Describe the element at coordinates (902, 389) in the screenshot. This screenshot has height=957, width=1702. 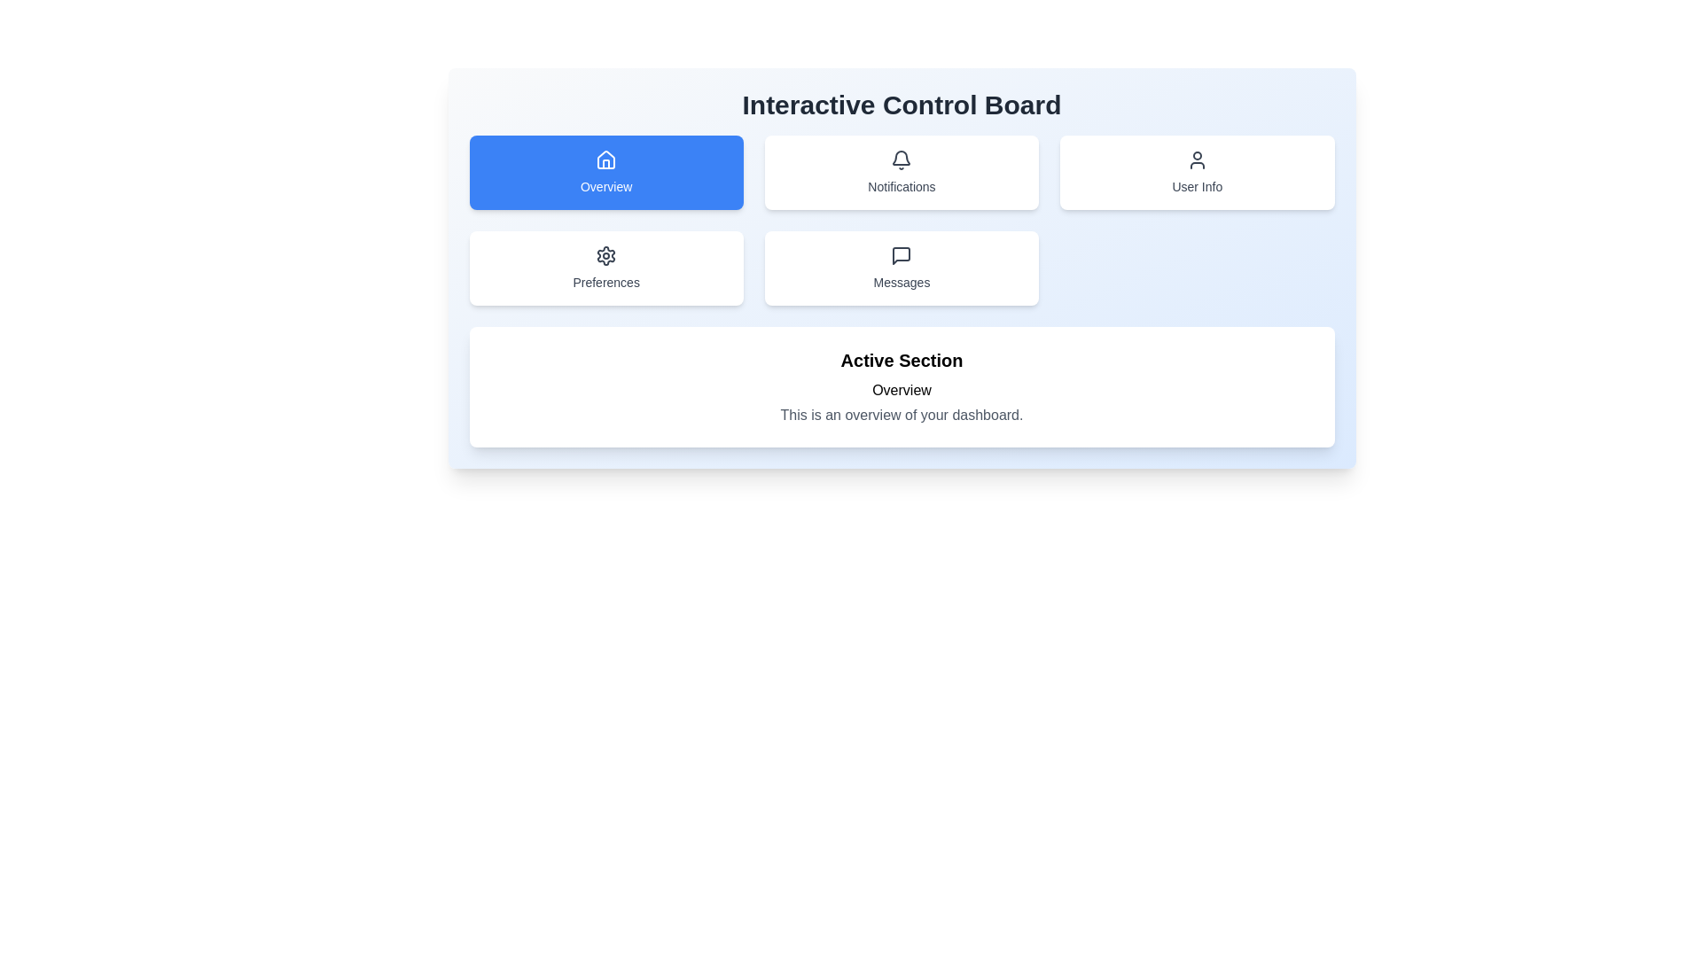
I see `the Text Label that serves as a section header, positioned below 'Active Section' and above the descriptive text` at that location.